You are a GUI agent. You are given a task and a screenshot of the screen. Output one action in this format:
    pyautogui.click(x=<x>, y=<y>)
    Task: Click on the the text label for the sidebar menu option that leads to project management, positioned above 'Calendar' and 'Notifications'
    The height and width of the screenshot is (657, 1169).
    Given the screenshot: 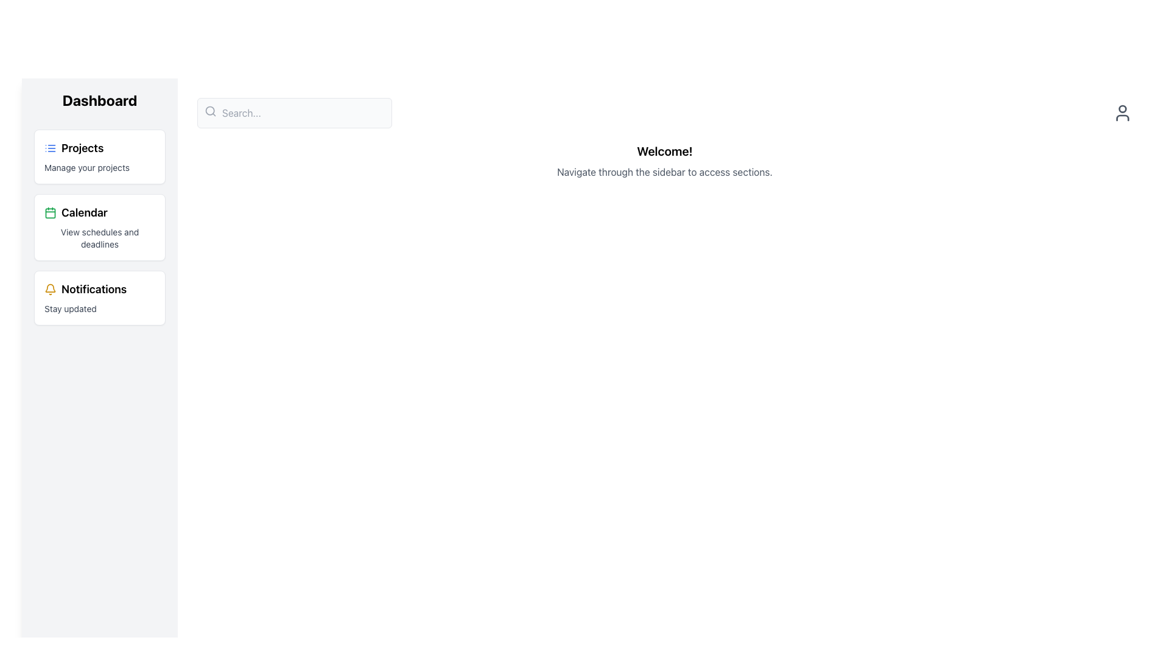 What is the action you would take?
    pyautogui.click(x=82, y=147)
    